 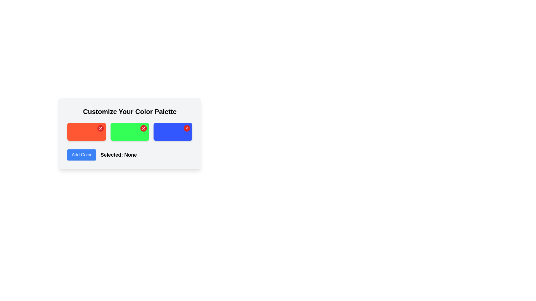 I want to click on the second rectangular block in the 'Customize Your Color Palette' section, so click(x=130, y=133).